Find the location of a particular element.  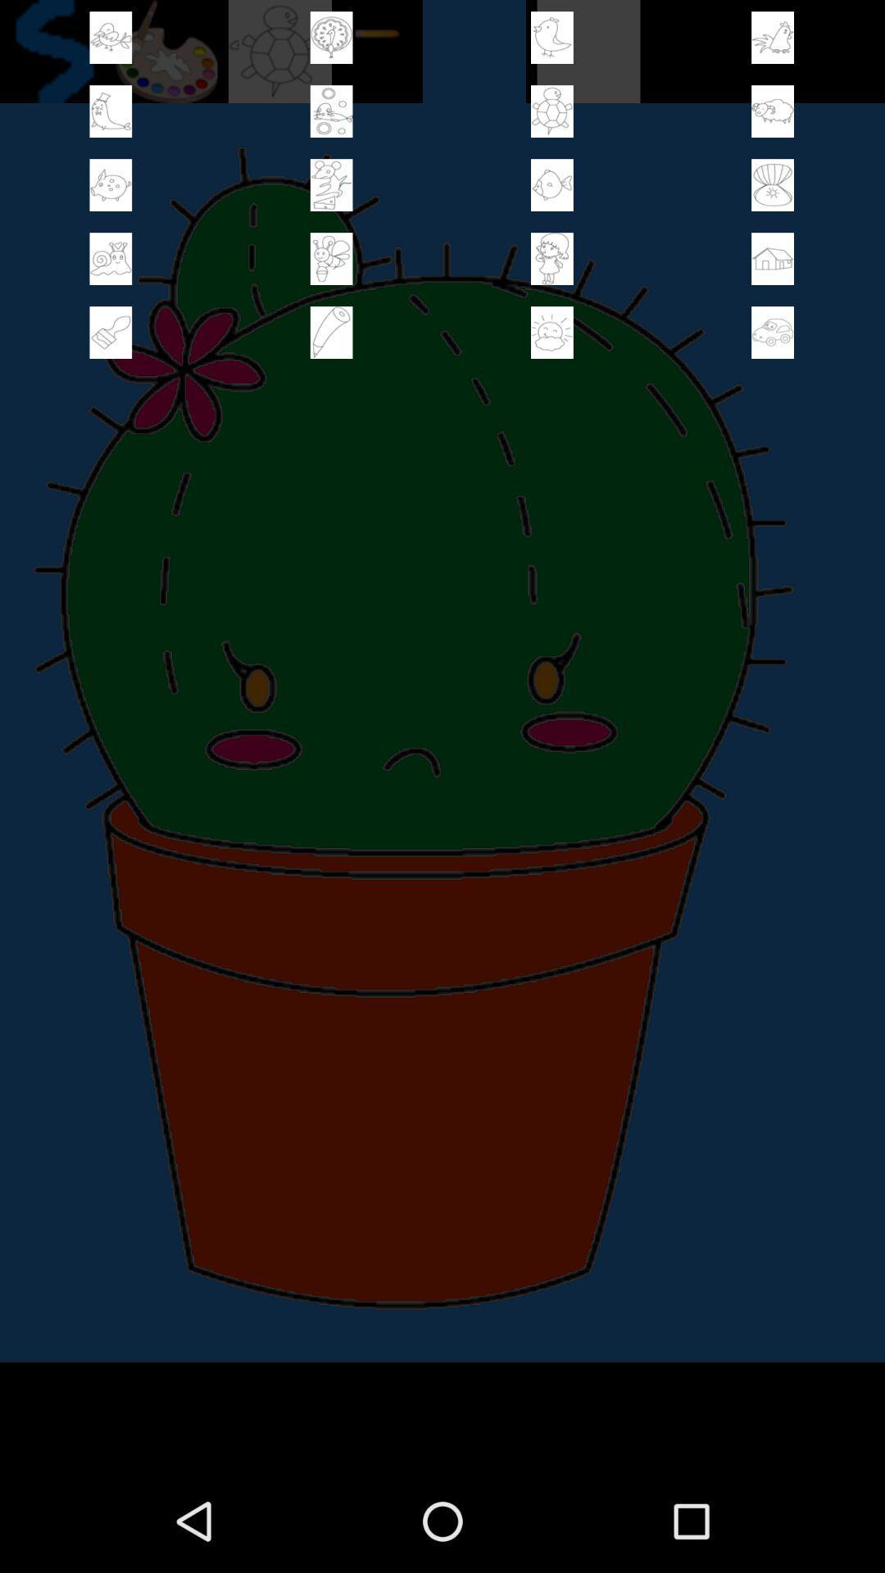

show picture of a house is located at coordinates (773, 258).